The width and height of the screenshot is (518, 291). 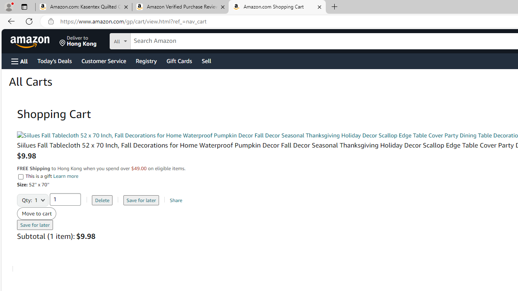 What do you see at coordinates (277, 7) in the screenshot?
I see `'Amazon.com Shopping Cart'` at bounding box center [277, 7].